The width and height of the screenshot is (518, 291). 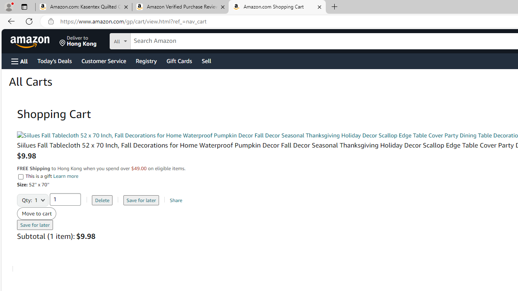 What do you see at coordinates (277, 7) in the screenshot?
I see `'Amazon.com Shopping Cart'` at bounding box center [277, 7].